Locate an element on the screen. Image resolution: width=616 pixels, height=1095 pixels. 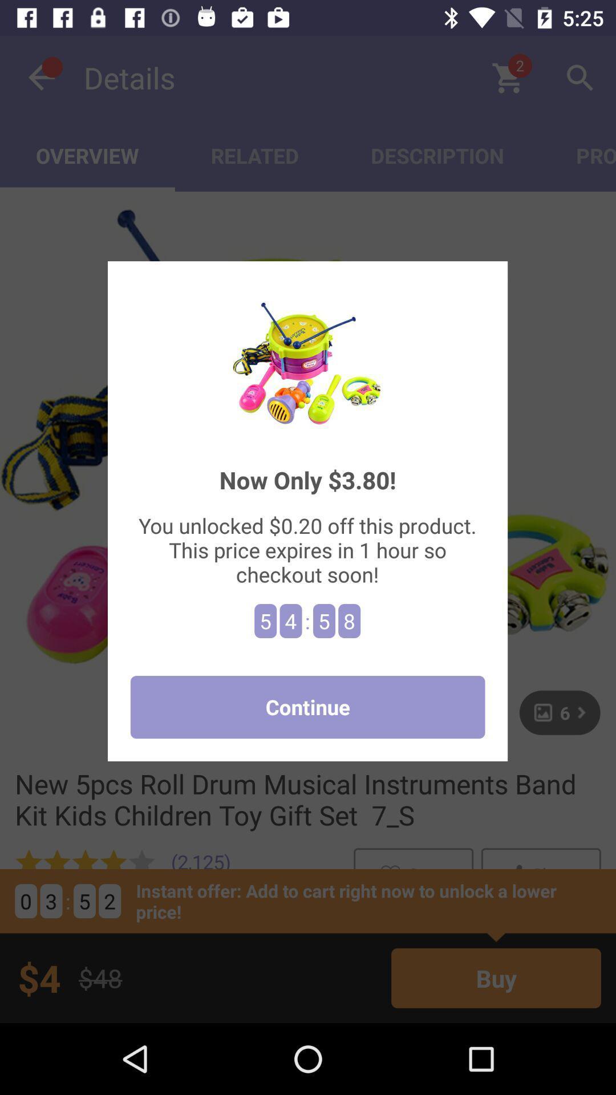
the continue item is located at coordinates (307, 707).